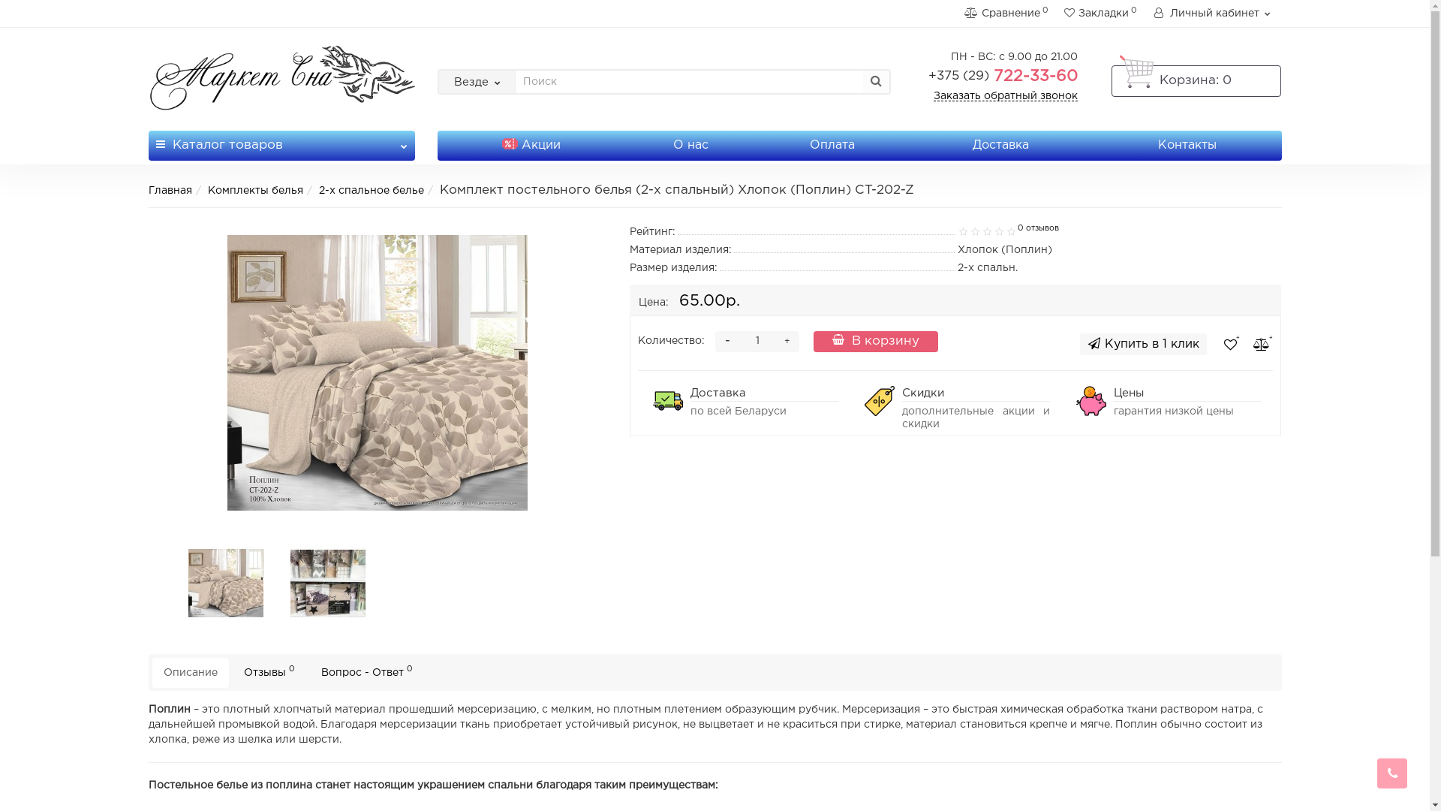 This screenshot has width=1441, height=811. I want to click on '-', so click(727, 342).